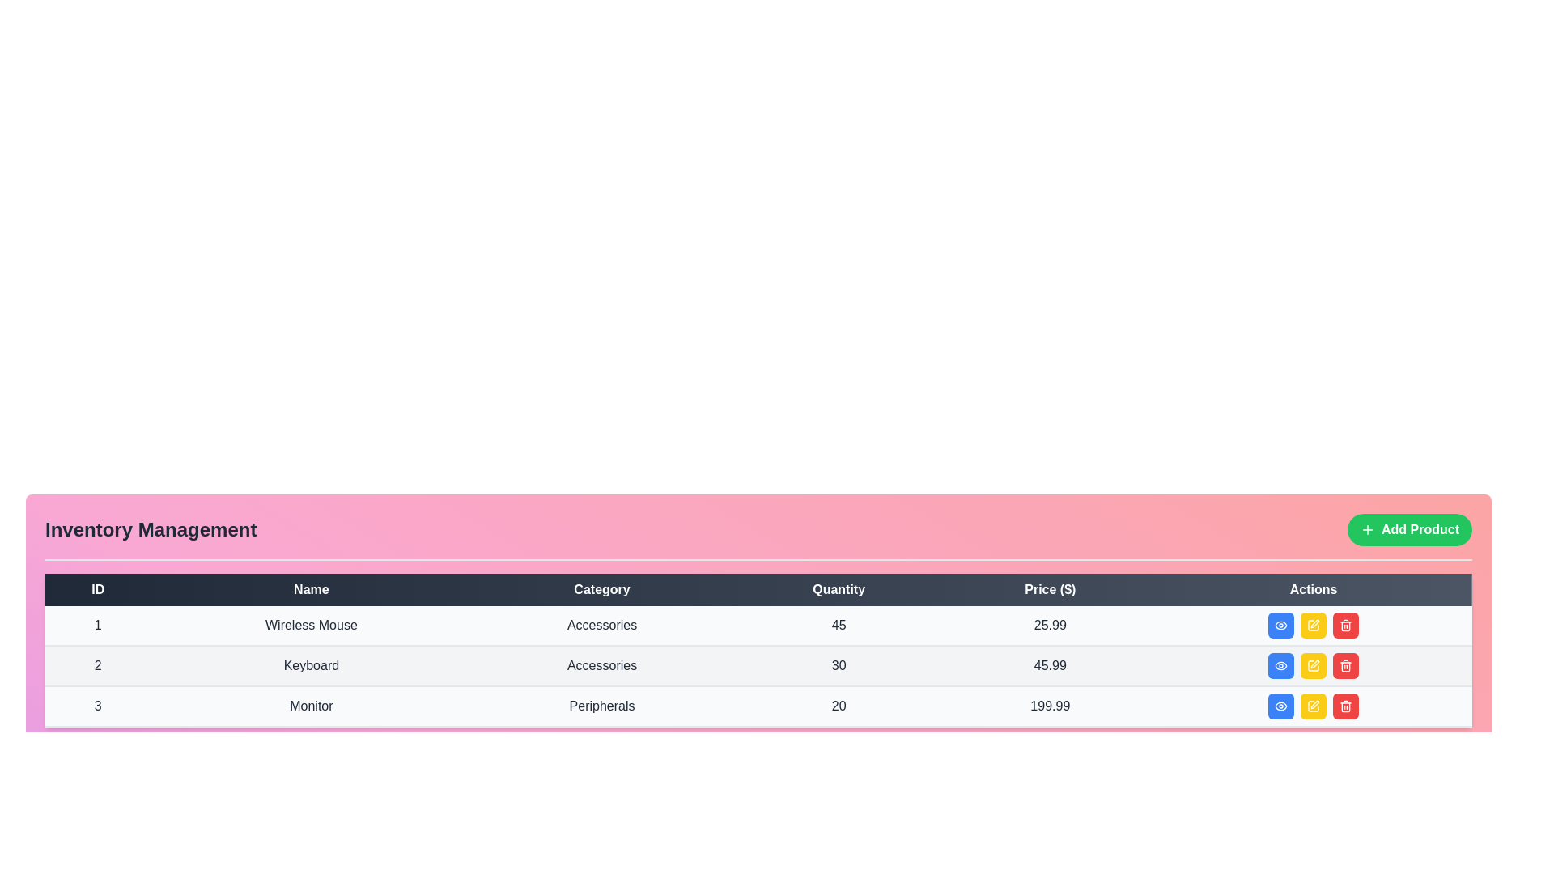 This screenshot has height=874, width=1554. What do you see at coordinates (1314, 624) in the screenshot?
I see `the pen icon with a yellow background in the 'Actions' column of the first row in the table` at bounding box center [1314, 624].